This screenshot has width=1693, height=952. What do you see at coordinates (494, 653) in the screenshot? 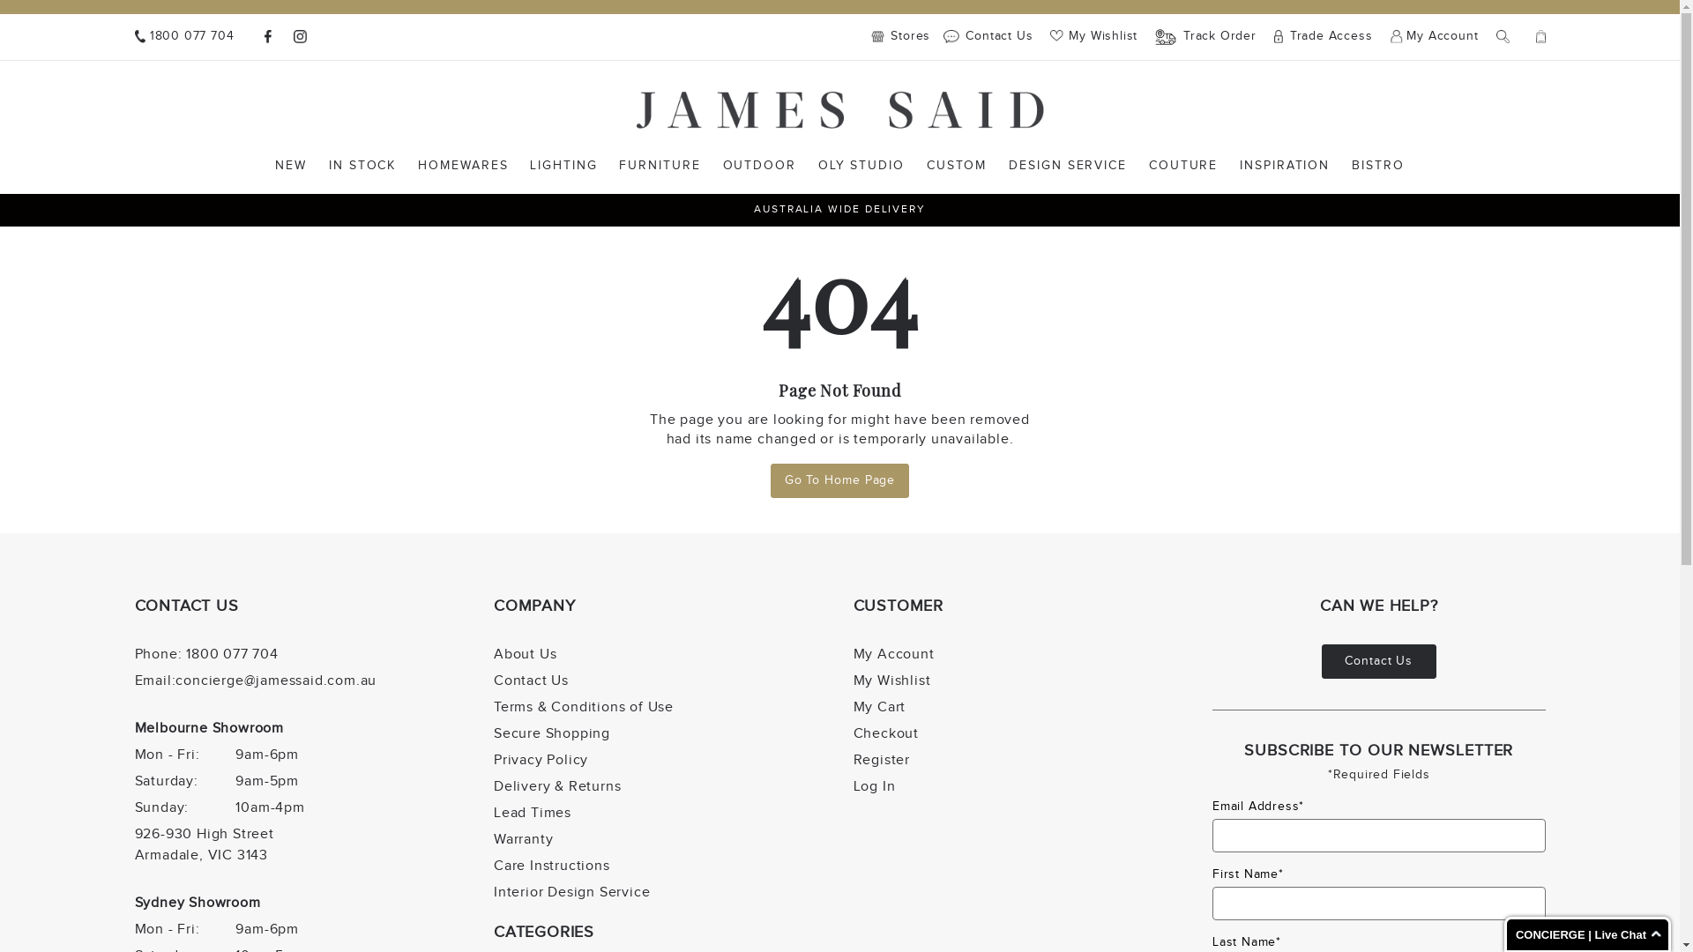
I see `'About Us'` at bounding box center [494, 653].